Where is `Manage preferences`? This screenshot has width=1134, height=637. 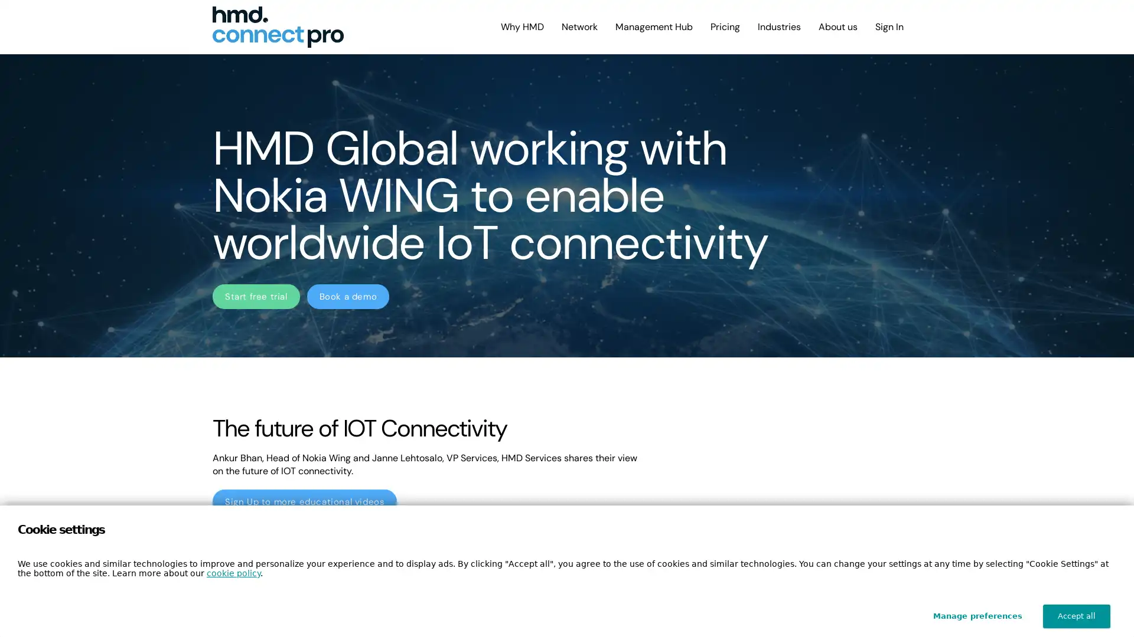 Manage preferences is located at coordinates (977, 616).